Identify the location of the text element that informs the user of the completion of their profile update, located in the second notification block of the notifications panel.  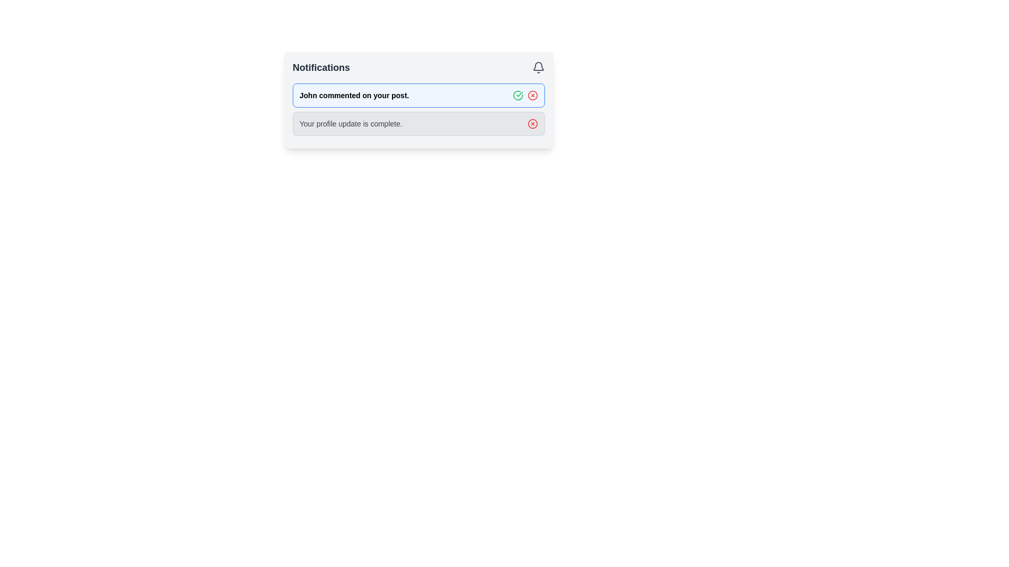
(351, 123).